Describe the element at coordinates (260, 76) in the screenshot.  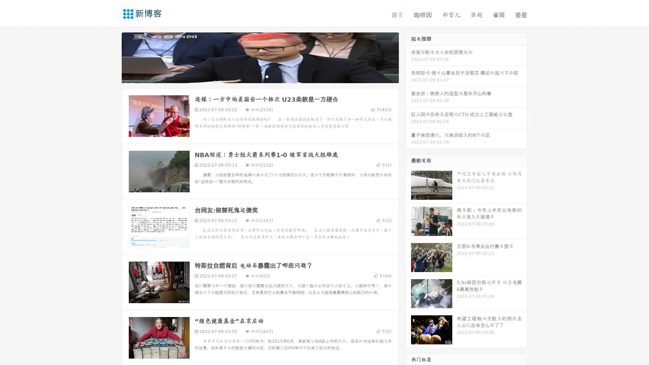
I see `Go to slide 2` at that location.